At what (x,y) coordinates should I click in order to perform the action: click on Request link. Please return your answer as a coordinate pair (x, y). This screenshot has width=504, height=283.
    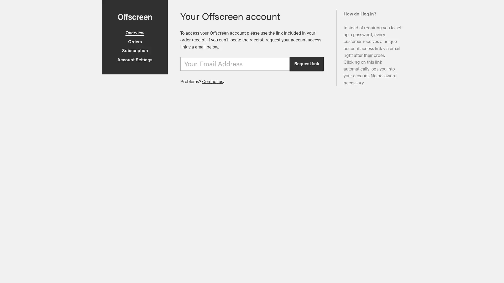
    Looking at the image, I should click on (306, 63).